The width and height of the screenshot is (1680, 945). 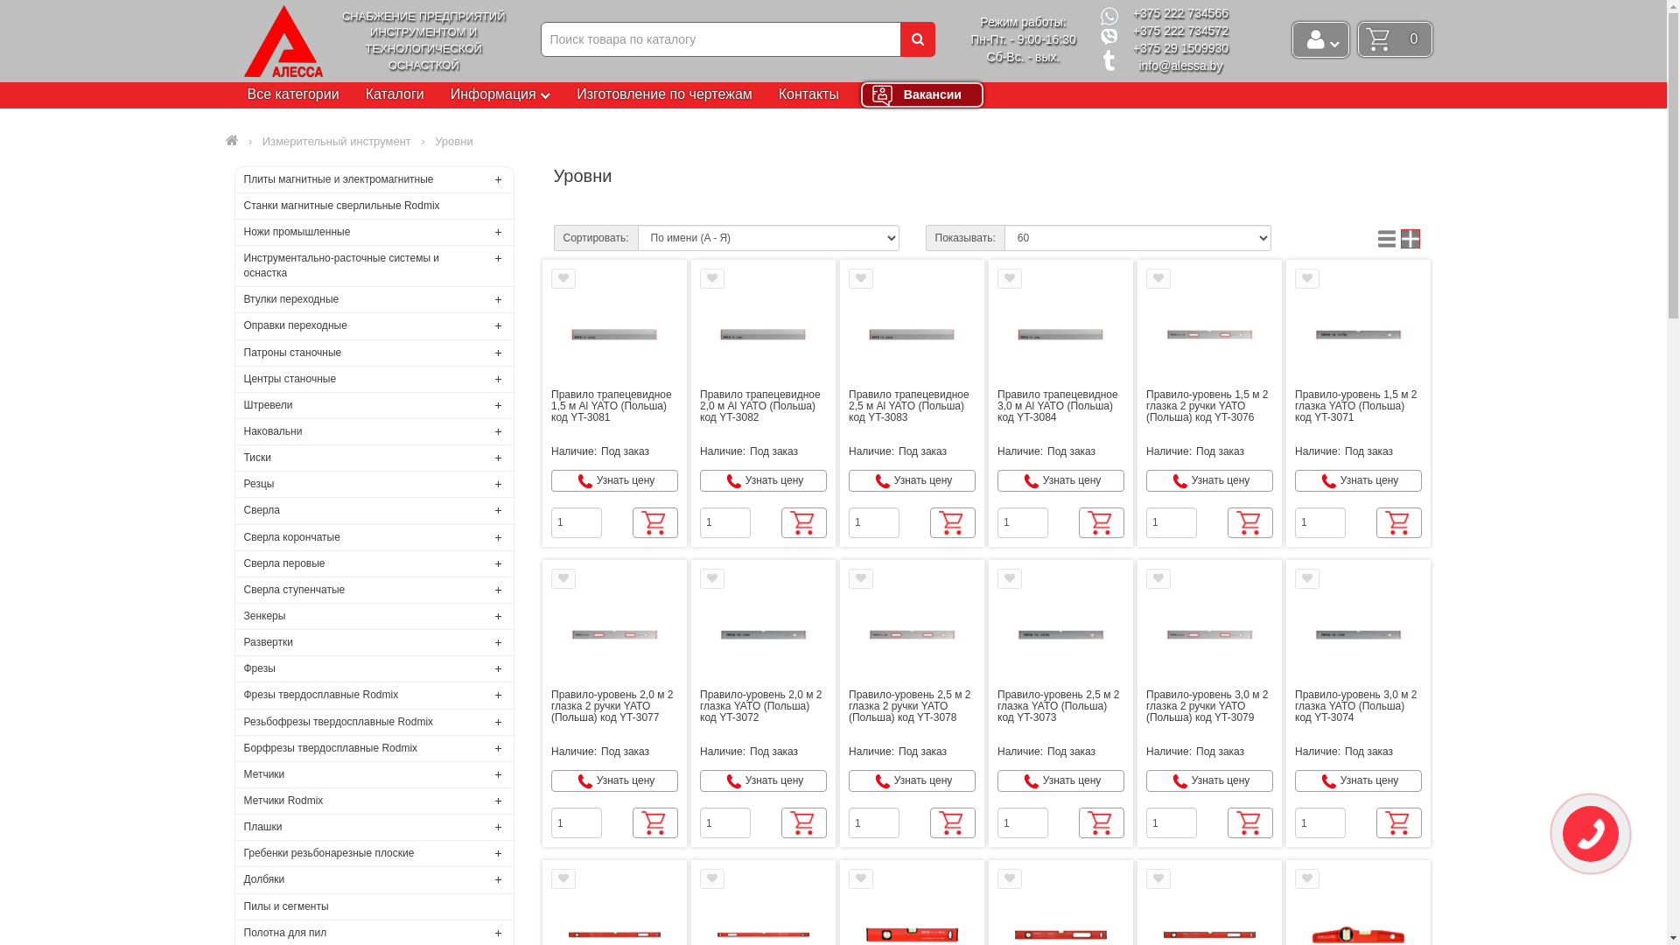 What do you see at coordinates (1133, 46) in the screenshot?
I see `'+375 29 1509930'` at bounding box center [1133, 46].